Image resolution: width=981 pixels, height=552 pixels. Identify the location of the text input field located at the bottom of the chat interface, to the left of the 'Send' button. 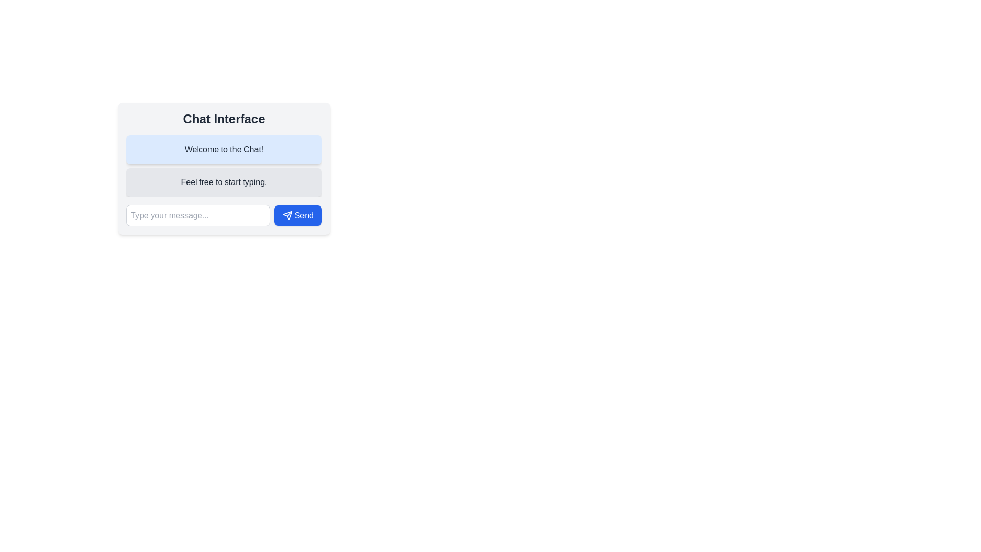
(198, 215).